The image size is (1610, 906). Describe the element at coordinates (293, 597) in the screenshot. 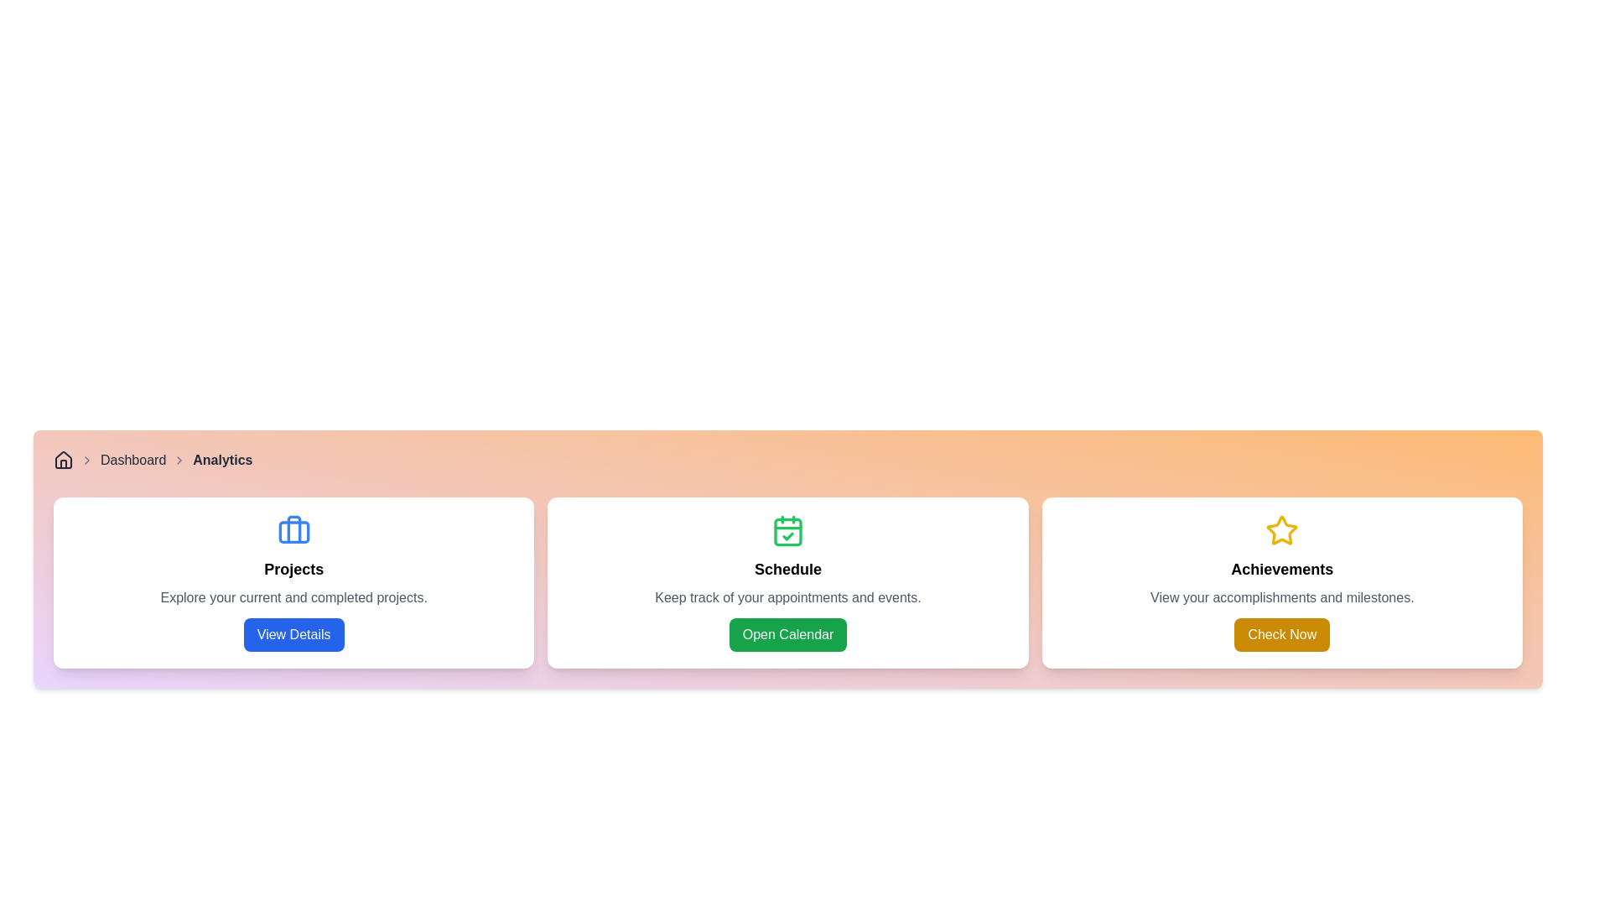

I see `the text label displaying 'Explore your current and completed projects.' which is center-aligned in gray font and located within the 'Projects' card` at that location.